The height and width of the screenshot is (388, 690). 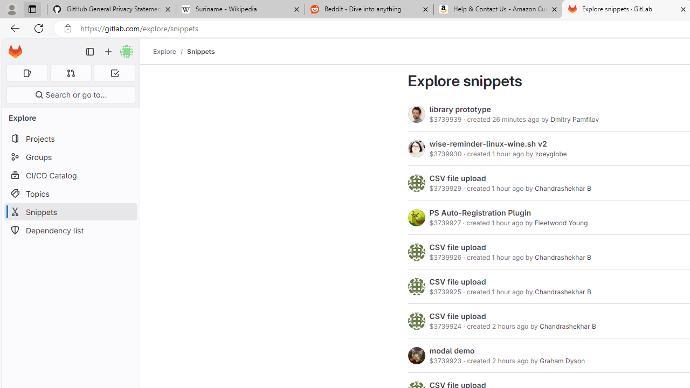 What do you see at coordinates (498, 9) in the screenshot?
I see `'Help & Contact Us - Amazon Customer Service'` at bounding box center [498, 9].